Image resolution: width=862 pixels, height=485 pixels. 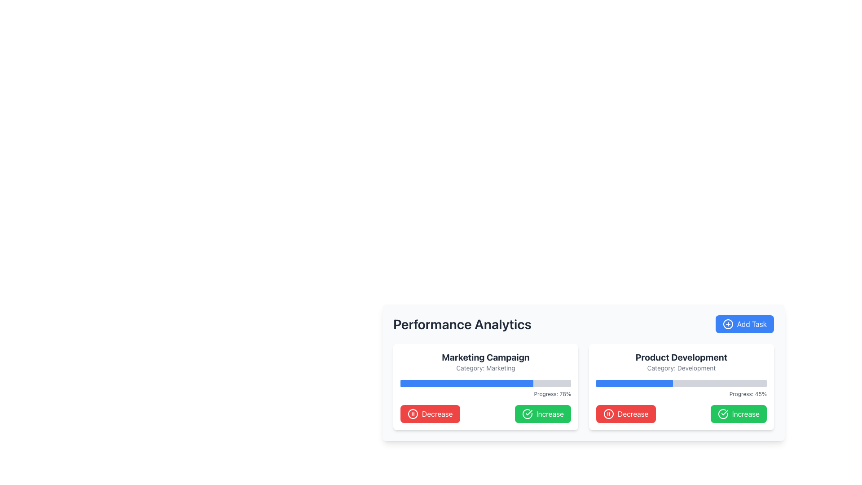 I want to click on the blue 'Add Task' button with a white label and plus icon located in the top-right corner of the 'Performance Analytics' toolbar, so click(x=744, y=324).